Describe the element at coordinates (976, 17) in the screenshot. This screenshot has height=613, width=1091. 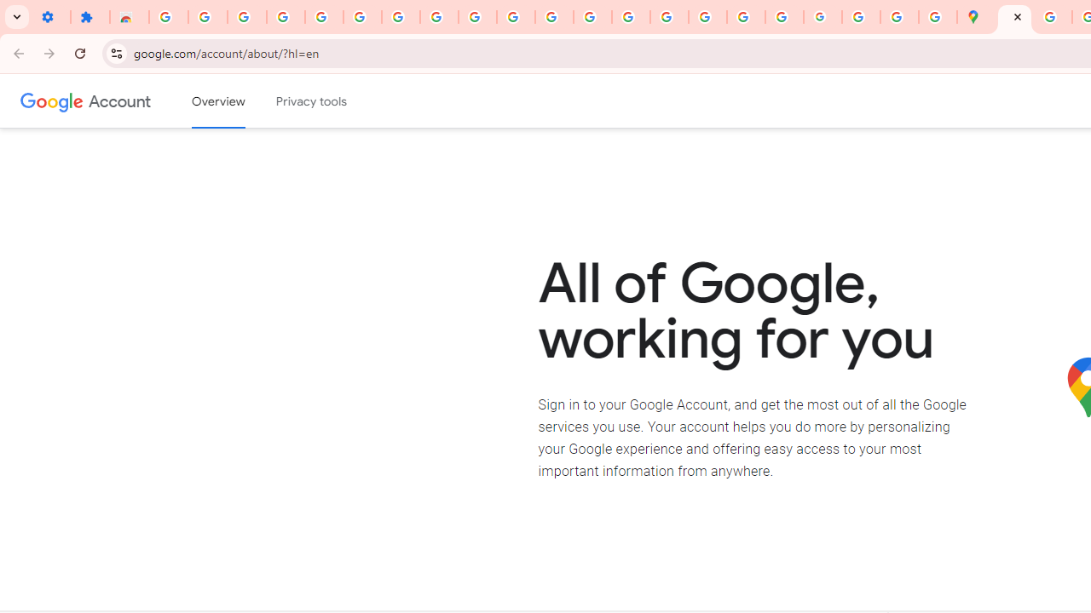
I see `'Google Maps'` at that location.